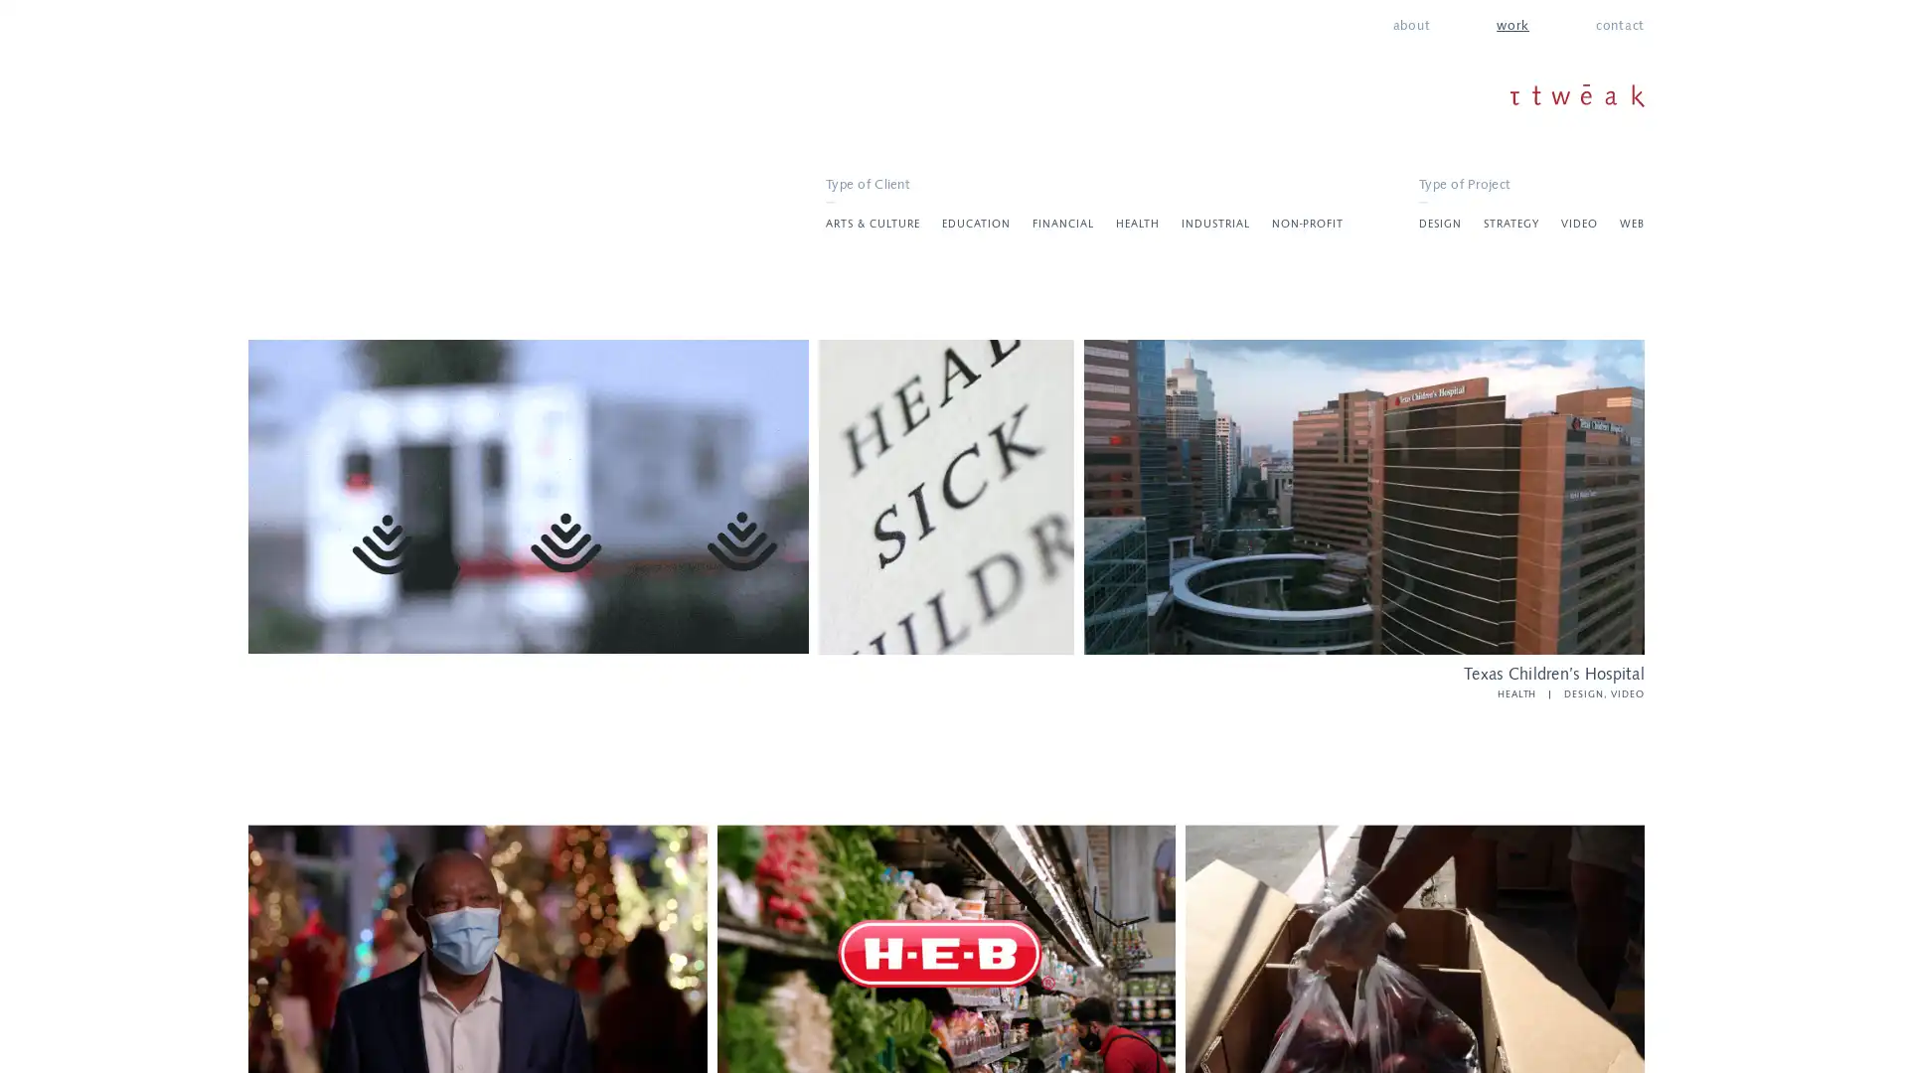  I want to click on FINANCIAL, so click(1062, 224).